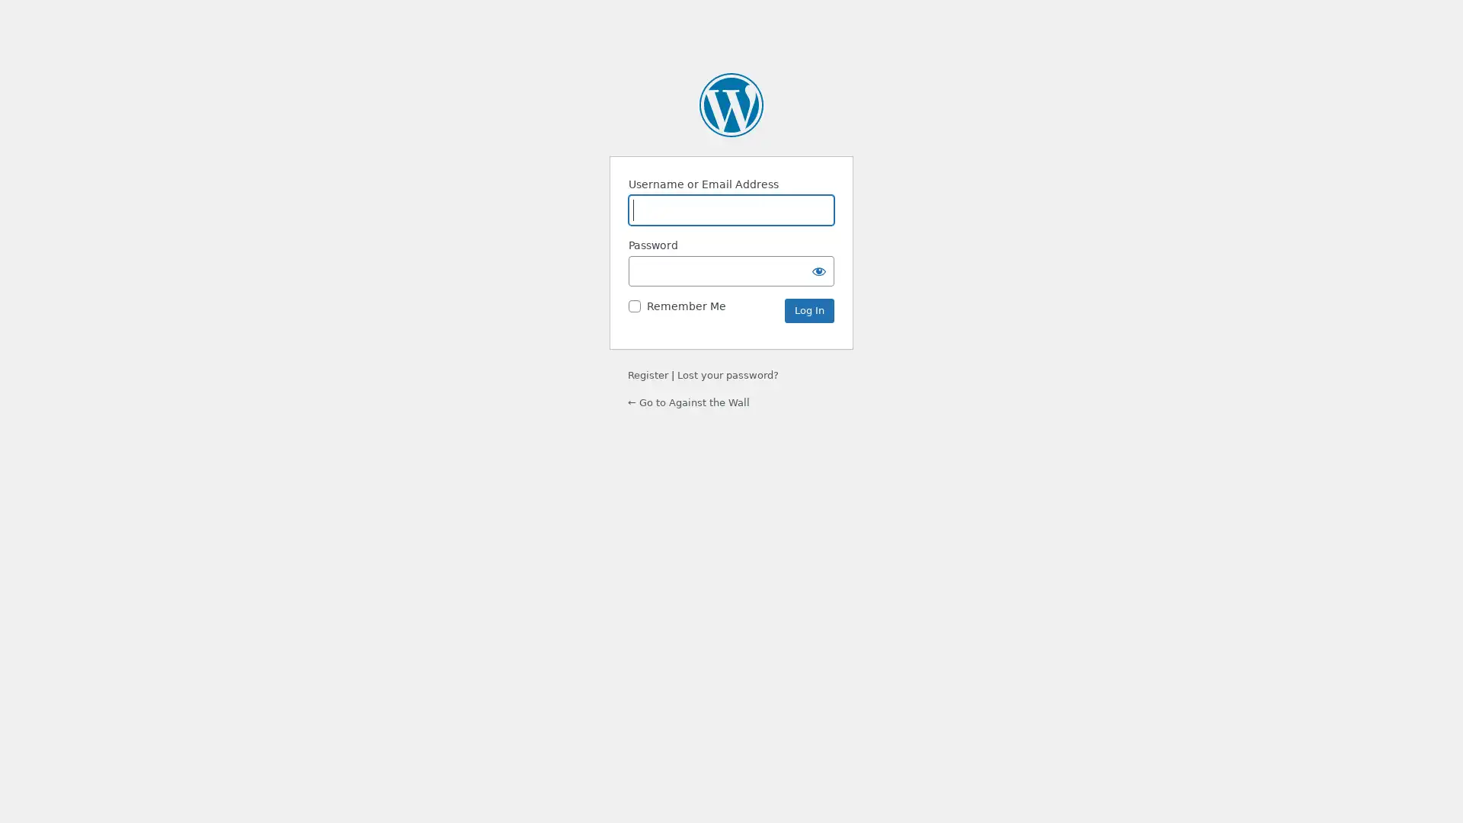 The height and width of the screenshot is (823, 1463). I want to click on Show password, so click(818, 270).